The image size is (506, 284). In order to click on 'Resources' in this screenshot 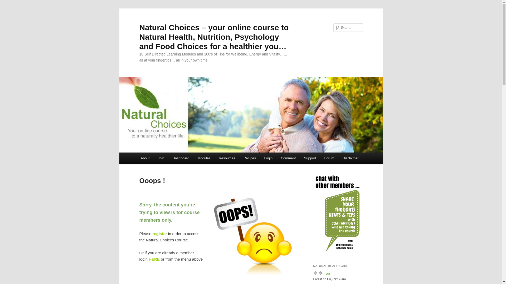, I will do `click(227, 158)`.